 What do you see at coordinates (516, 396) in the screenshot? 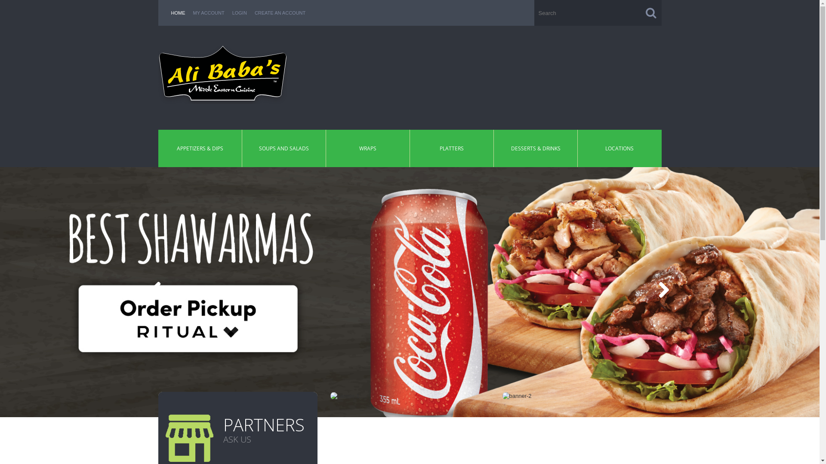
I see `'banner-2'` at bounding box center [516, 396].